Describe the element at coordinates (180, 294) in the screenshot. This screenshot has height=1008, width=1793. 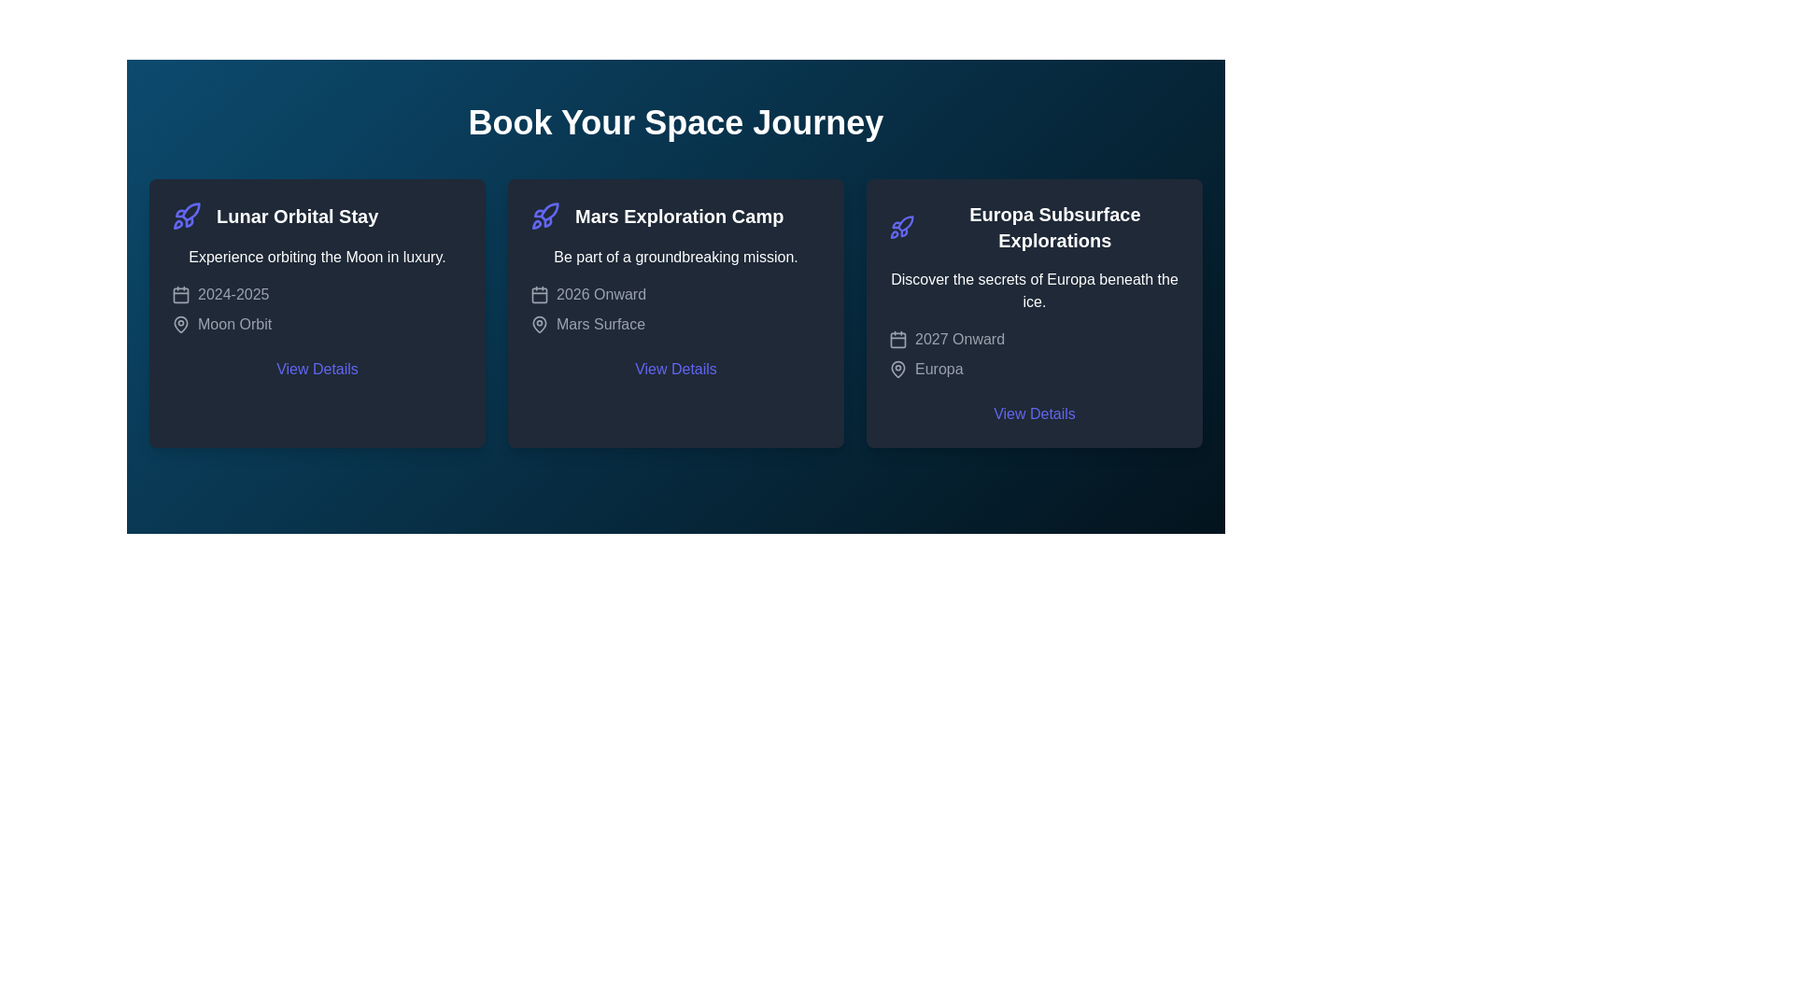
I see `the decorative rectangle that serves as the background of the calendar icon, located near the text '2024-2025' in the leftmost card for the 'Lunar Orbital Stay' offering` at that location.